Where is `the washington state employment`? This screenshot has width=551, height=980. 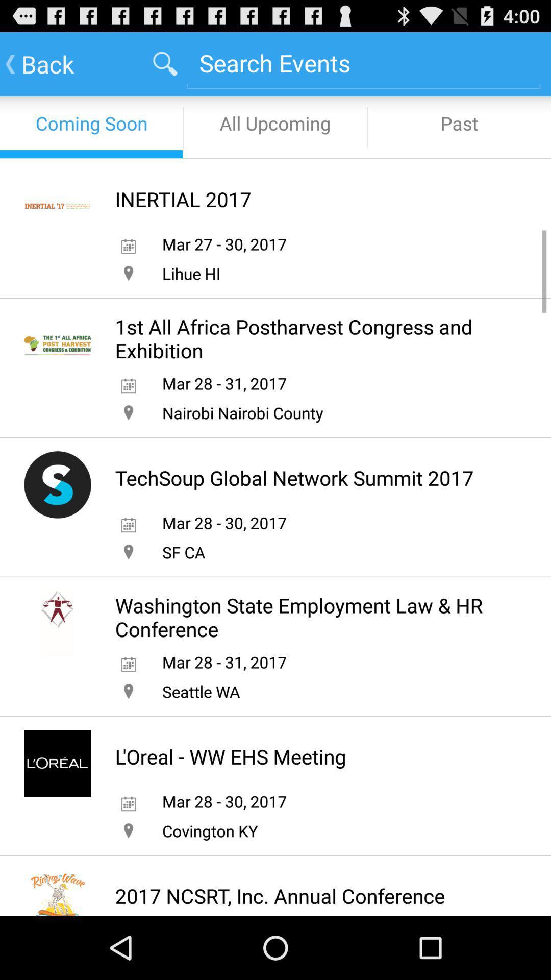 the washington state employment is located at coordinates (311, 617).